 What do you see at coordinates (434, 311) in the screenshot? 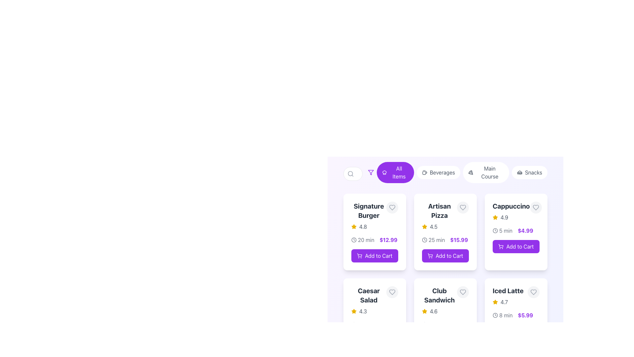
I see `the text label displaying the rating value '4.6' located near the star icon in the 'Club Sandwich' card` at bounding box center [434, 311].